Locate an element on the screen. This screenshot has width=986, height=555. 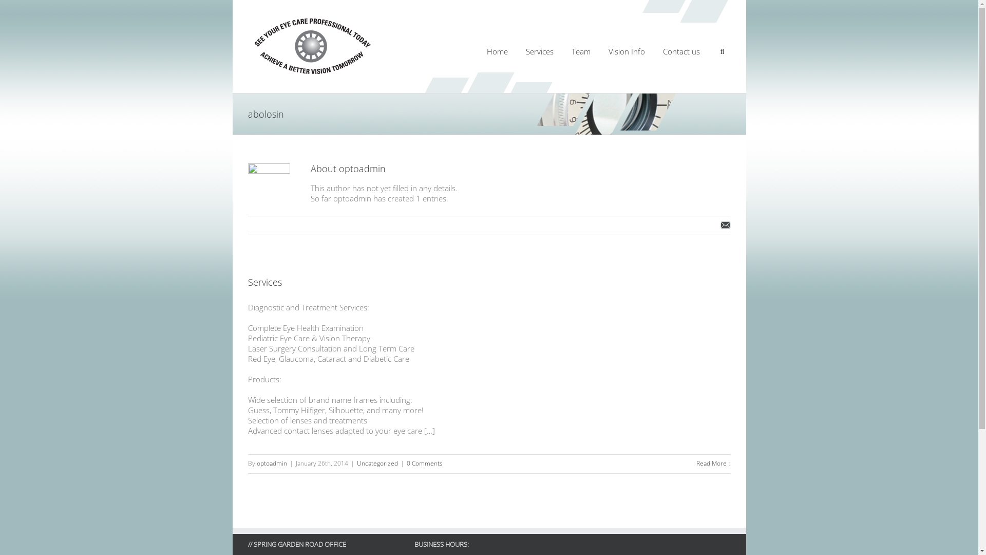
'Home' is located at coordinates (497, 51).